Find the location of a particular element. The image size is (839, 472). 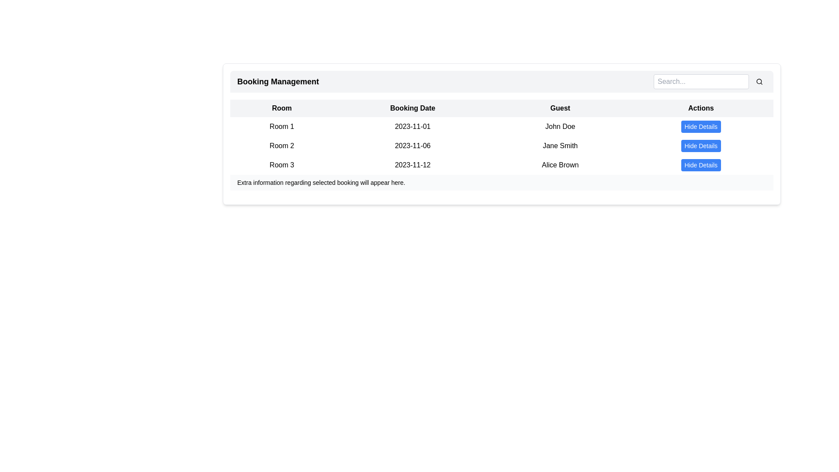

the button in the 'Actions' column of the table, specifically in the second row associated with 'Jane Smith', to hide additional details for that row is located at coordinates (700, 146).